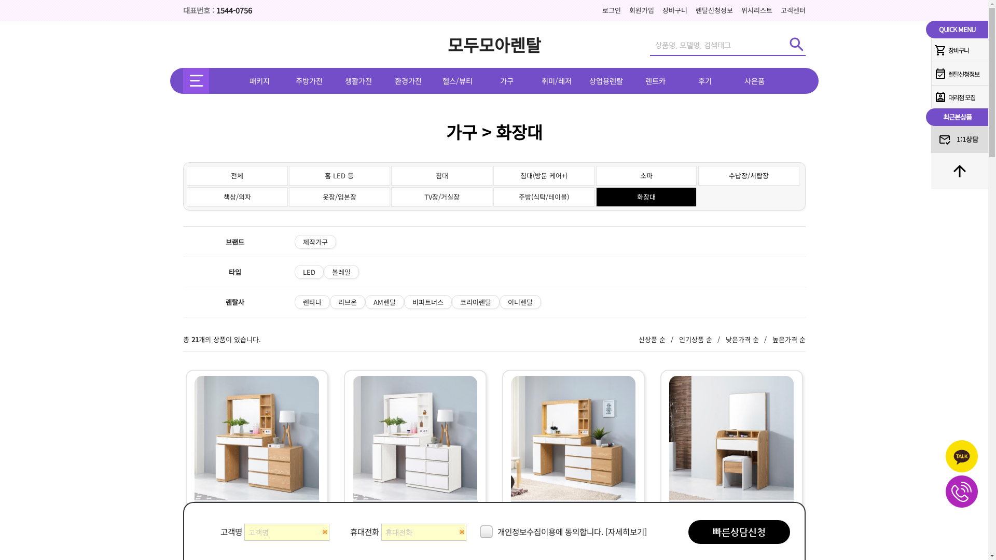  Describe the element at coordinates (294, 271) in the screenshot. I see `'LED'` at that location.